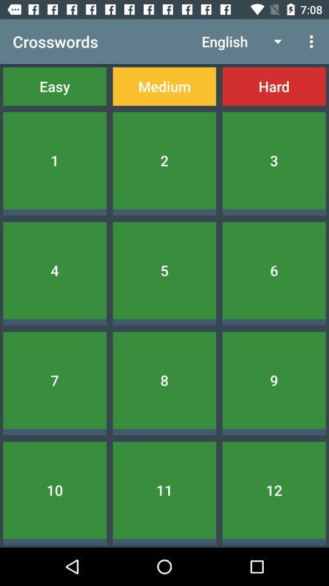  I want to click on icon to the right of english icon, so click(313, 42).